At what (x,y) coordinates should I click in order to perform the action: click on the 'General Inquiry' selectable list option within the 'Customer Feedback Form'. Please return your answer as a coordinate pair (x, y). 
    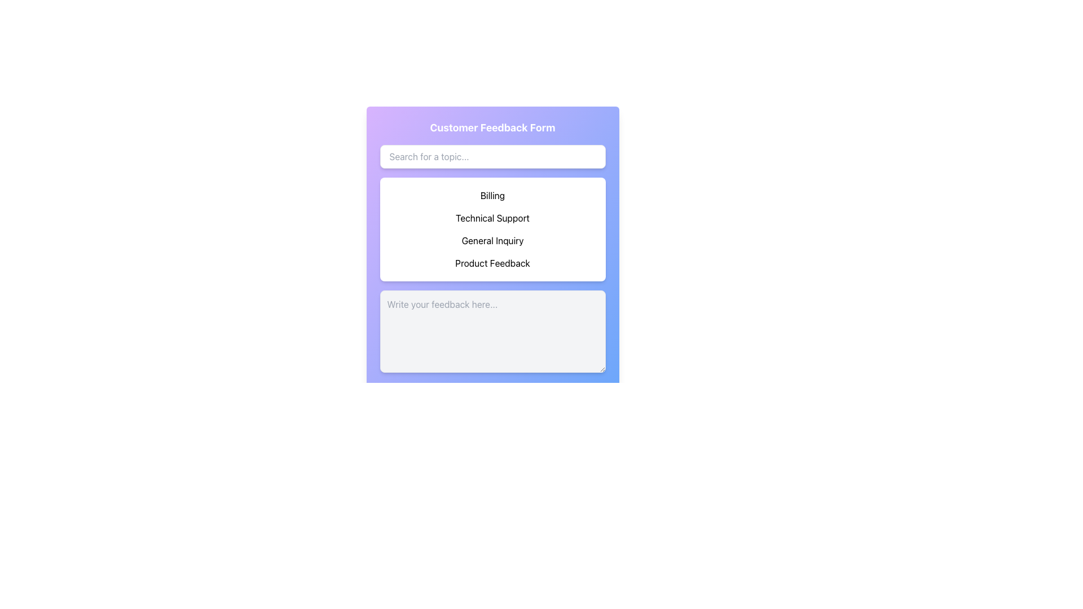
    Looking at the image, I should click on (492, 240).